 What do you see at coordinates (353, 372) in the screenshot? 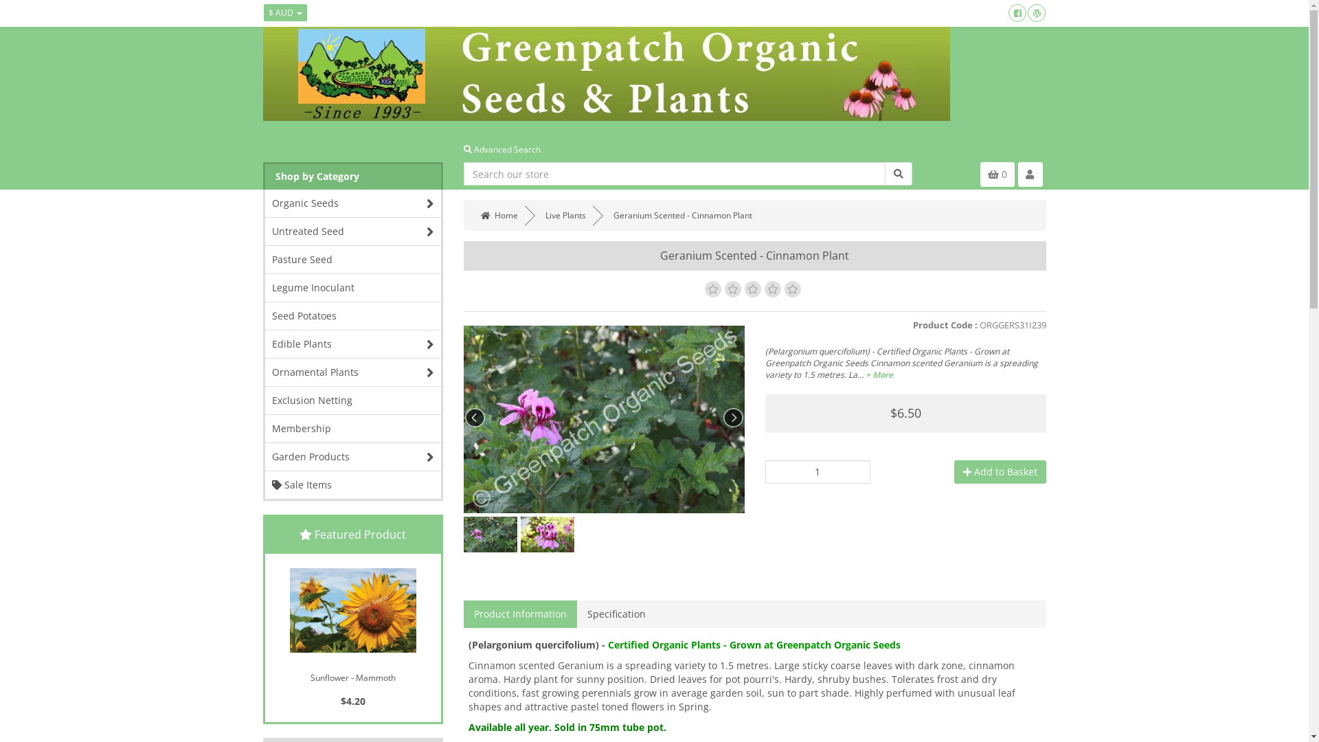
I see `'Ornamental Plants'` at bounding box center [353, 372].